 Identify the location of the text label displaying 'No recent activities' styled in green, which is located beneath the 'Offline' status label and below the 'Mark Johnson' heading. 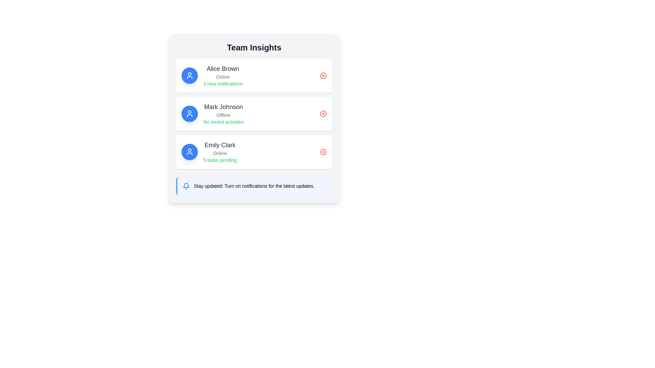
(223, 122).